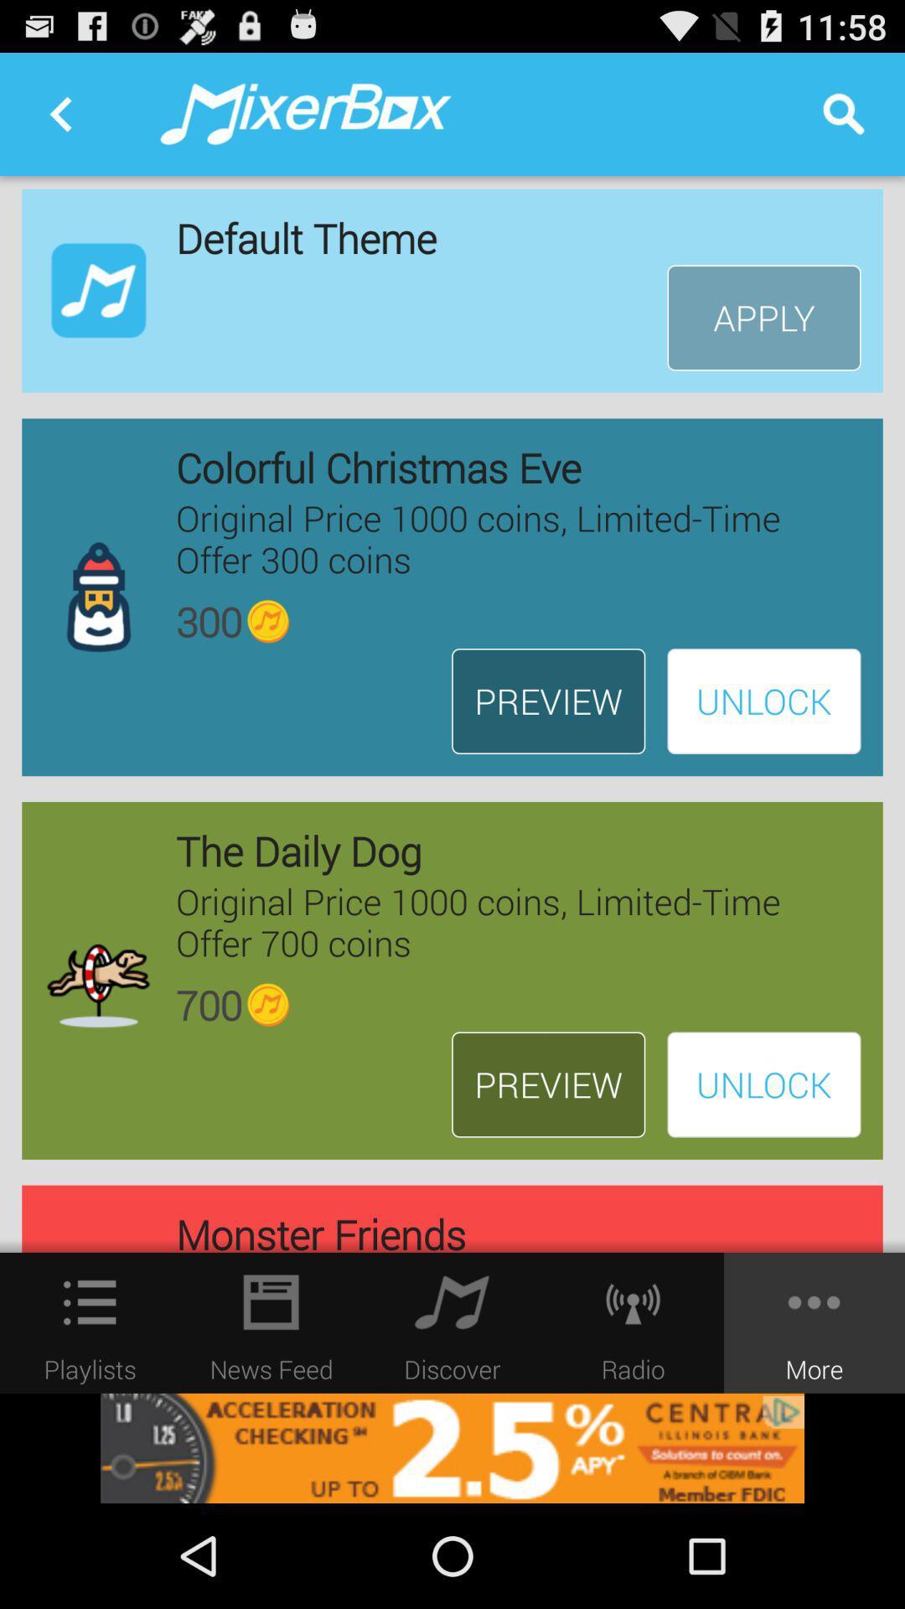 The image size is (905, 1609). Describe the element at coordinates (267, 1005) in the screenshot. I see `the coin which is beside 700` at that location.